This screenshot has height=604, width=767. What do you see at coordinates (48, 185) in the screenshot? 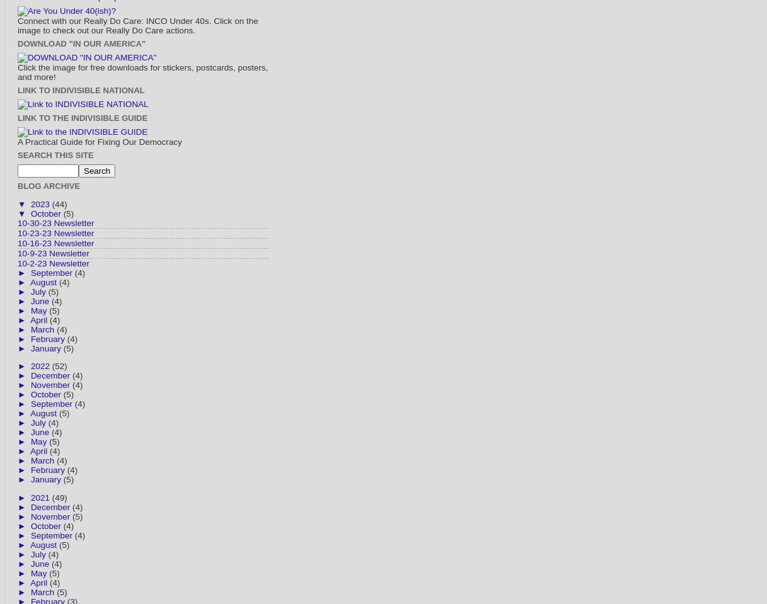
I see `'Blog Archive'` at bounding box center [48, 185].